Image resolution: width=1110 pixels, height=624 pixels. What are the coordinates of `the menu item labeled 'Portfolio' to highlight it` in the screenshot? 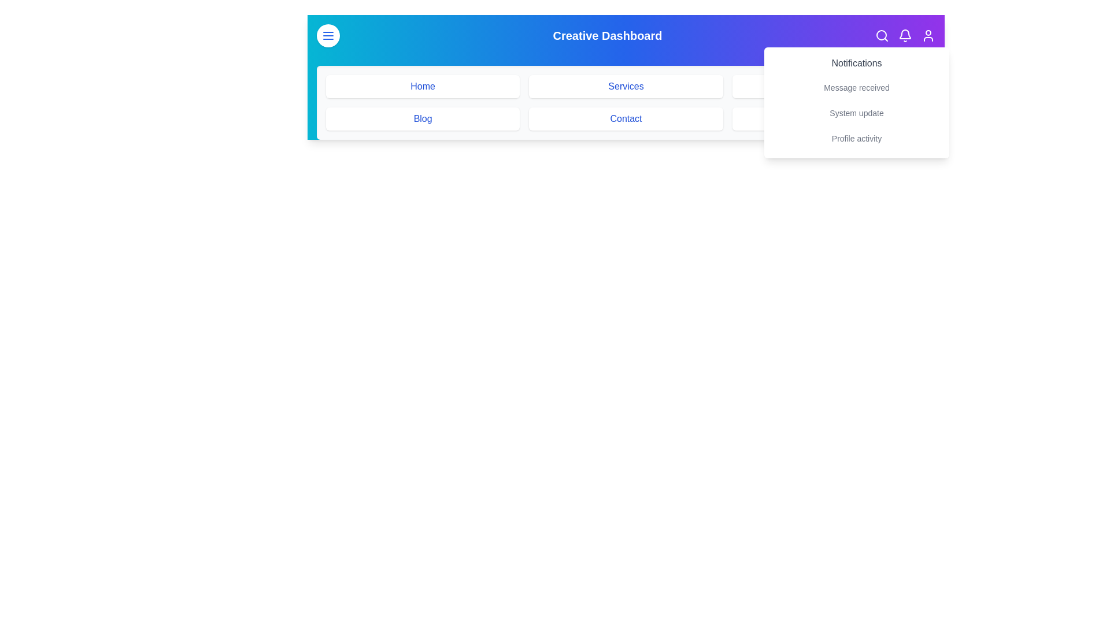 It's located at (828, 86).